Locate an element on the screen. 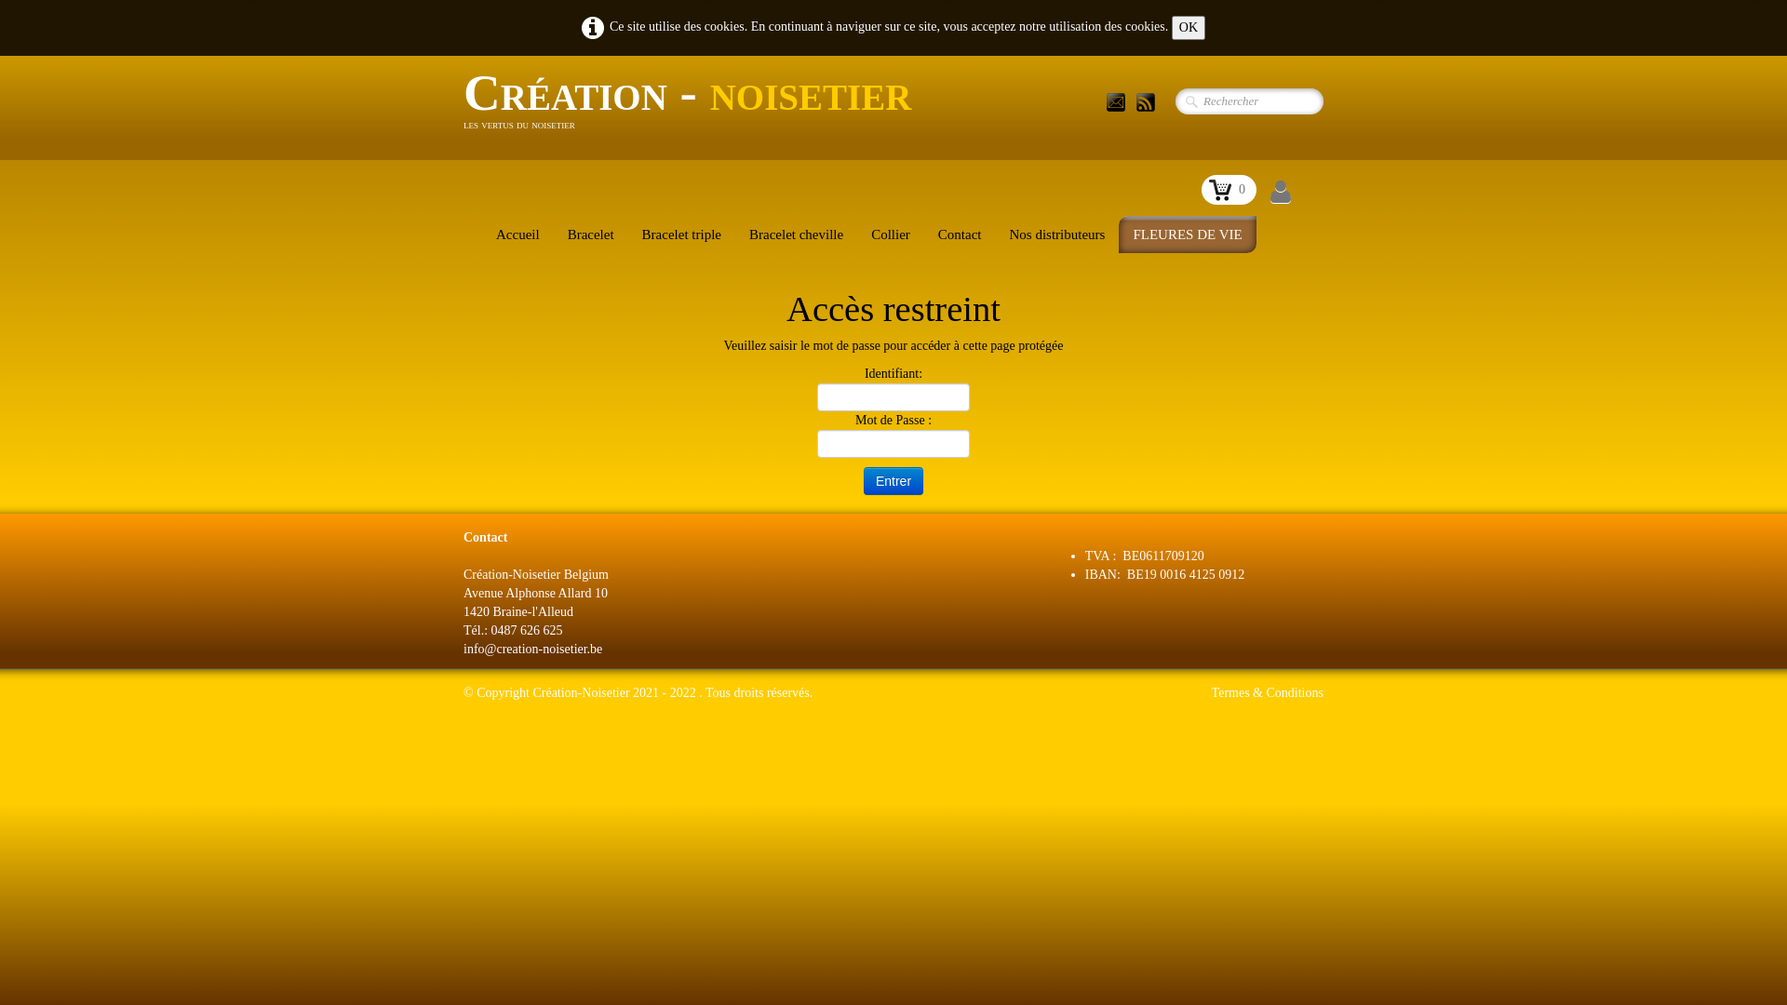 The image size is (1787, 1005). 'FLEURES DE VIE' is located at coordinates (1186, 233).